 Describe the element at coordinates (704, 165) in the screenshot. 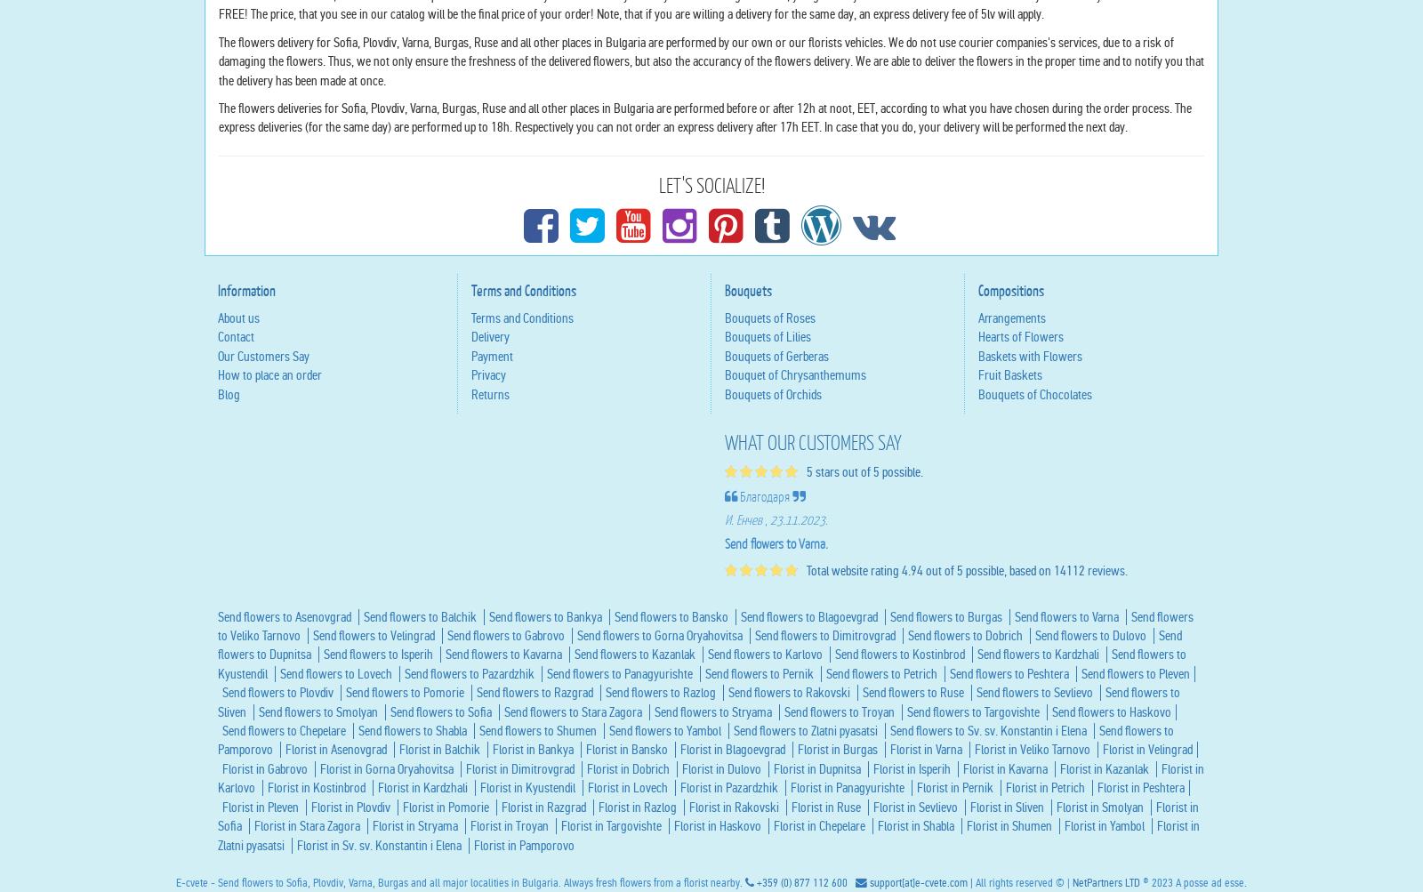

I see `'Thanks to our online store for flowers delivery it has never been easier to order flowers delivery to Sofia, Plovdiv, Varna, Burgas, Ruse and numerous other towns in Bulgaria. Because of our well-developed network of local florists, we are now able to perform flowers delivery on the same day in every corner of Bulgaria. Thus, you get always fresh flowers from the florist nearby. Our delivery is COMPLETELY FREE! The price, that you see in our catalog will be the final price of your order! Note, that if you are willing a delivery for the same day, an express delivery fee of 5lv will apply.'` at that location.